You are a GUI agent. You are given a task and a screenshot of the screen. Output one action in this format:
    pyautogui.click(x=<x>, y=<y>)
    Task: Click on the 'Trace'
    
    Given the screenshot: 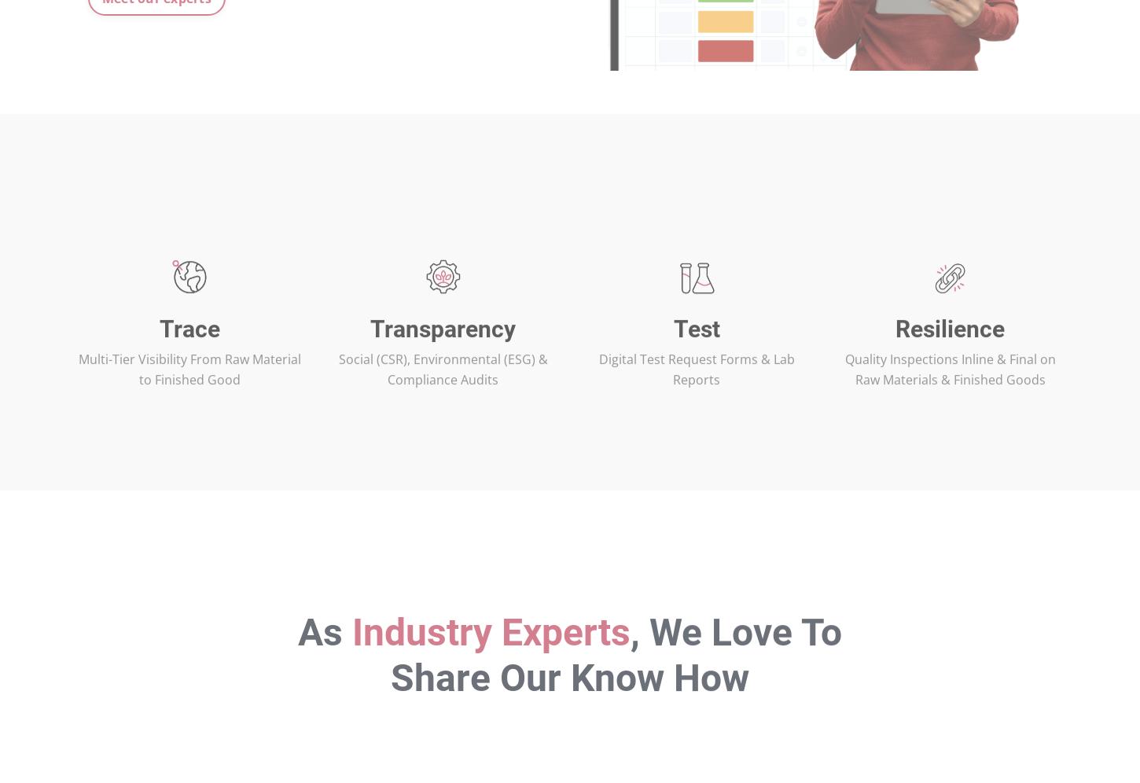 What is the action you would take?
    pyautogui.click(x=188, y=377)
    